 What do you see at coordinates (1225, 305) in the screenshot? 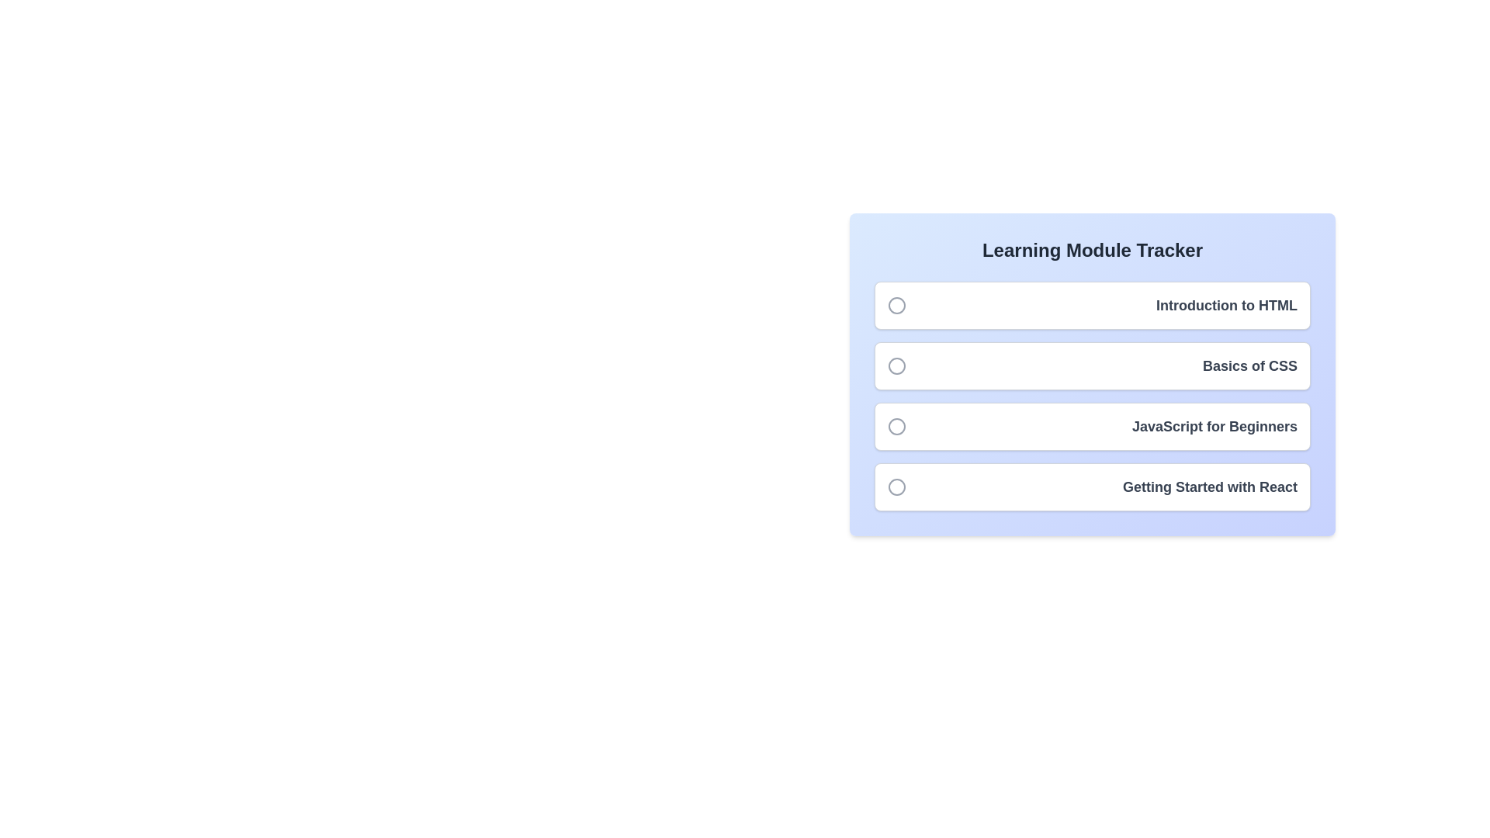
I see `the text label that identifies a learning module in the Learning Module Tracker, located in the first row next to a circular icon` at bounding box center [1225, 305].